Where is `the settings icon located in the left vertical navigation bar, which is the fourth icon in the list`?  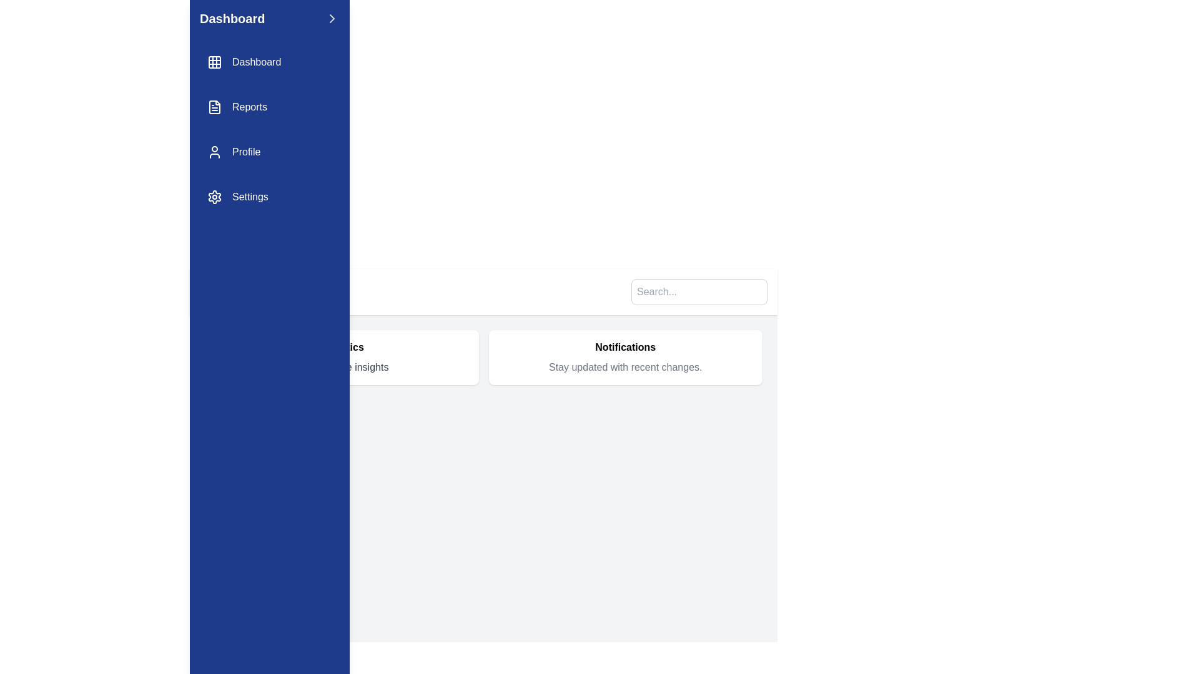 the settings icon located in the left vertical navigation bar, which is the fourth icon in the list is located at coordinates (215, 197).